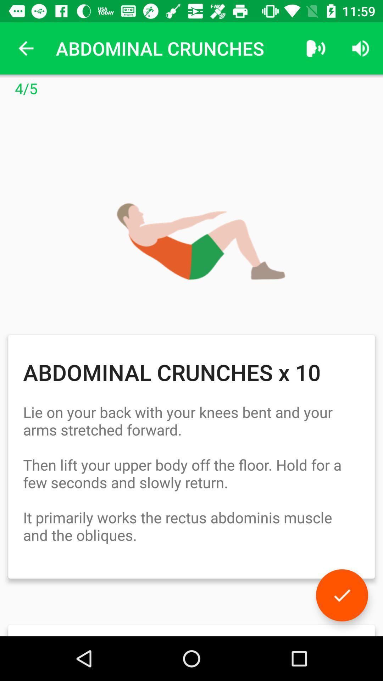 The height and width of the screenshot is (681, 383). What do you see at coordinates (316, 48) in the screenshot?
I see `the app next to the abdominal crunches icon` at bounding box center [316, 48].